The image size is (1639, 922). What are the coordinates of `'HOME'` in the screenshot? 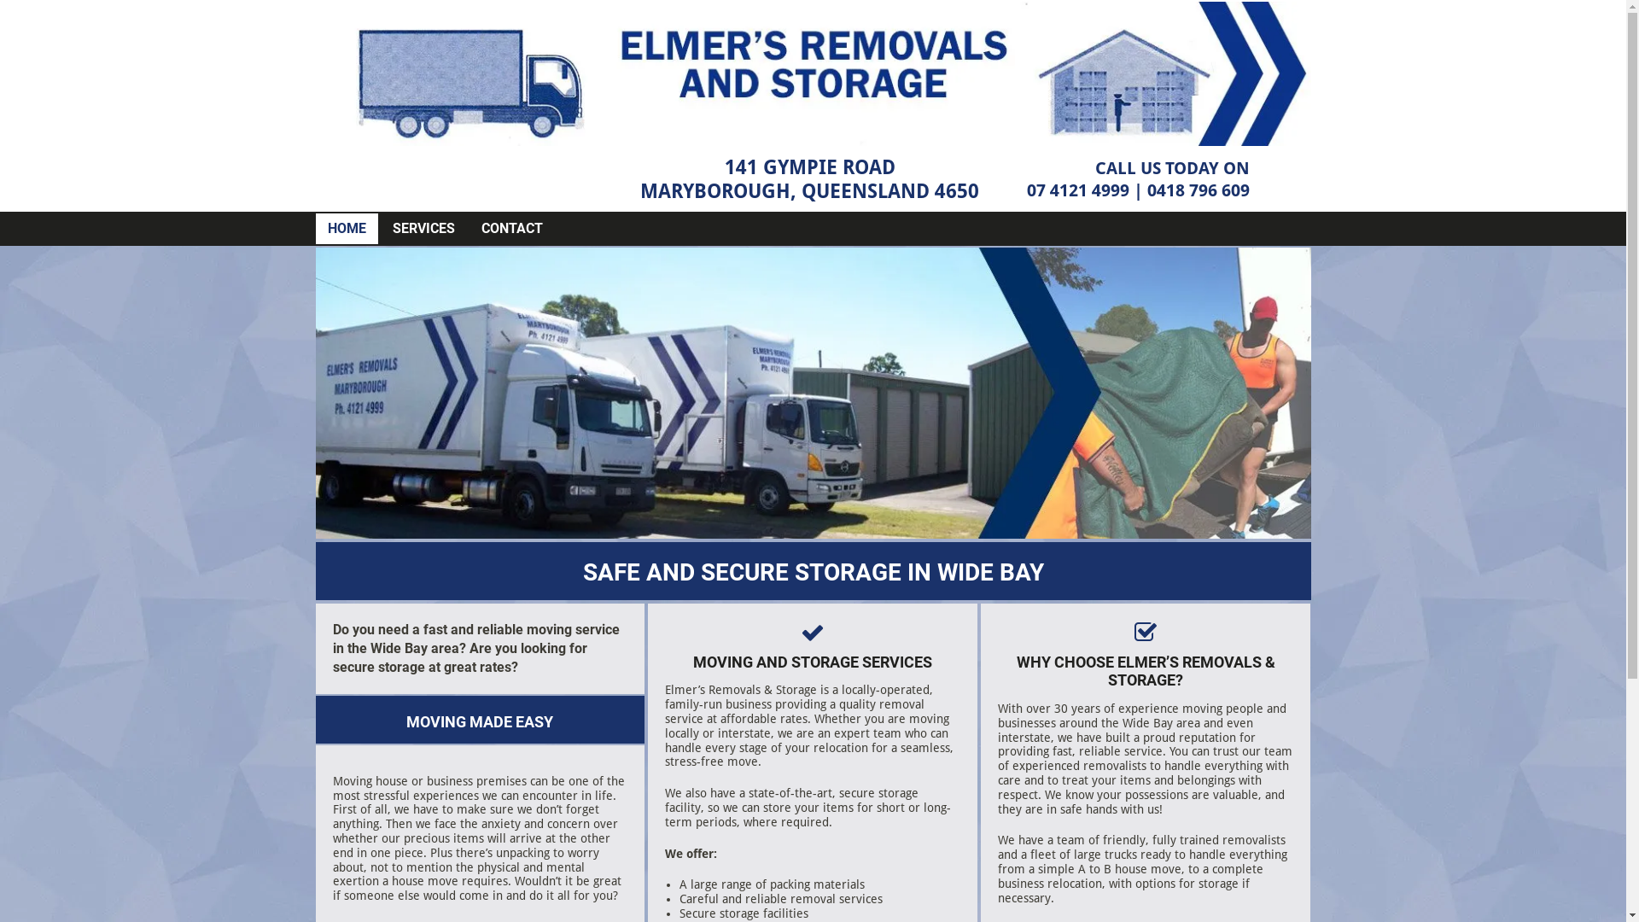 It's located at (346, 227).